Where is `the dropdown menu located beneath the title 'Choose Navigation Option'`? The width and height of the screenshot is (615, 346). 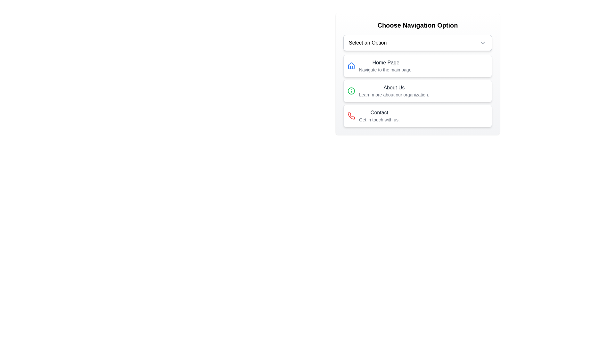
the dropdown menu located beneath the title 'Choose Navigation Option' is located at coordinates (418, 43).